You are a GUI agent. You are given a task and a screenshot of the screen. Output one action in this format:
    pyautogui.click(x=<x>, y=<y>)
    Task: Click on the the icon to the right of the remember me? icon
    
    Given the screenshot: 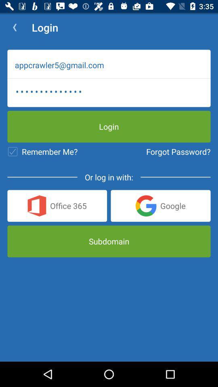 What is the action you would take?
    pyautogui.click(x=178, y=151)
    